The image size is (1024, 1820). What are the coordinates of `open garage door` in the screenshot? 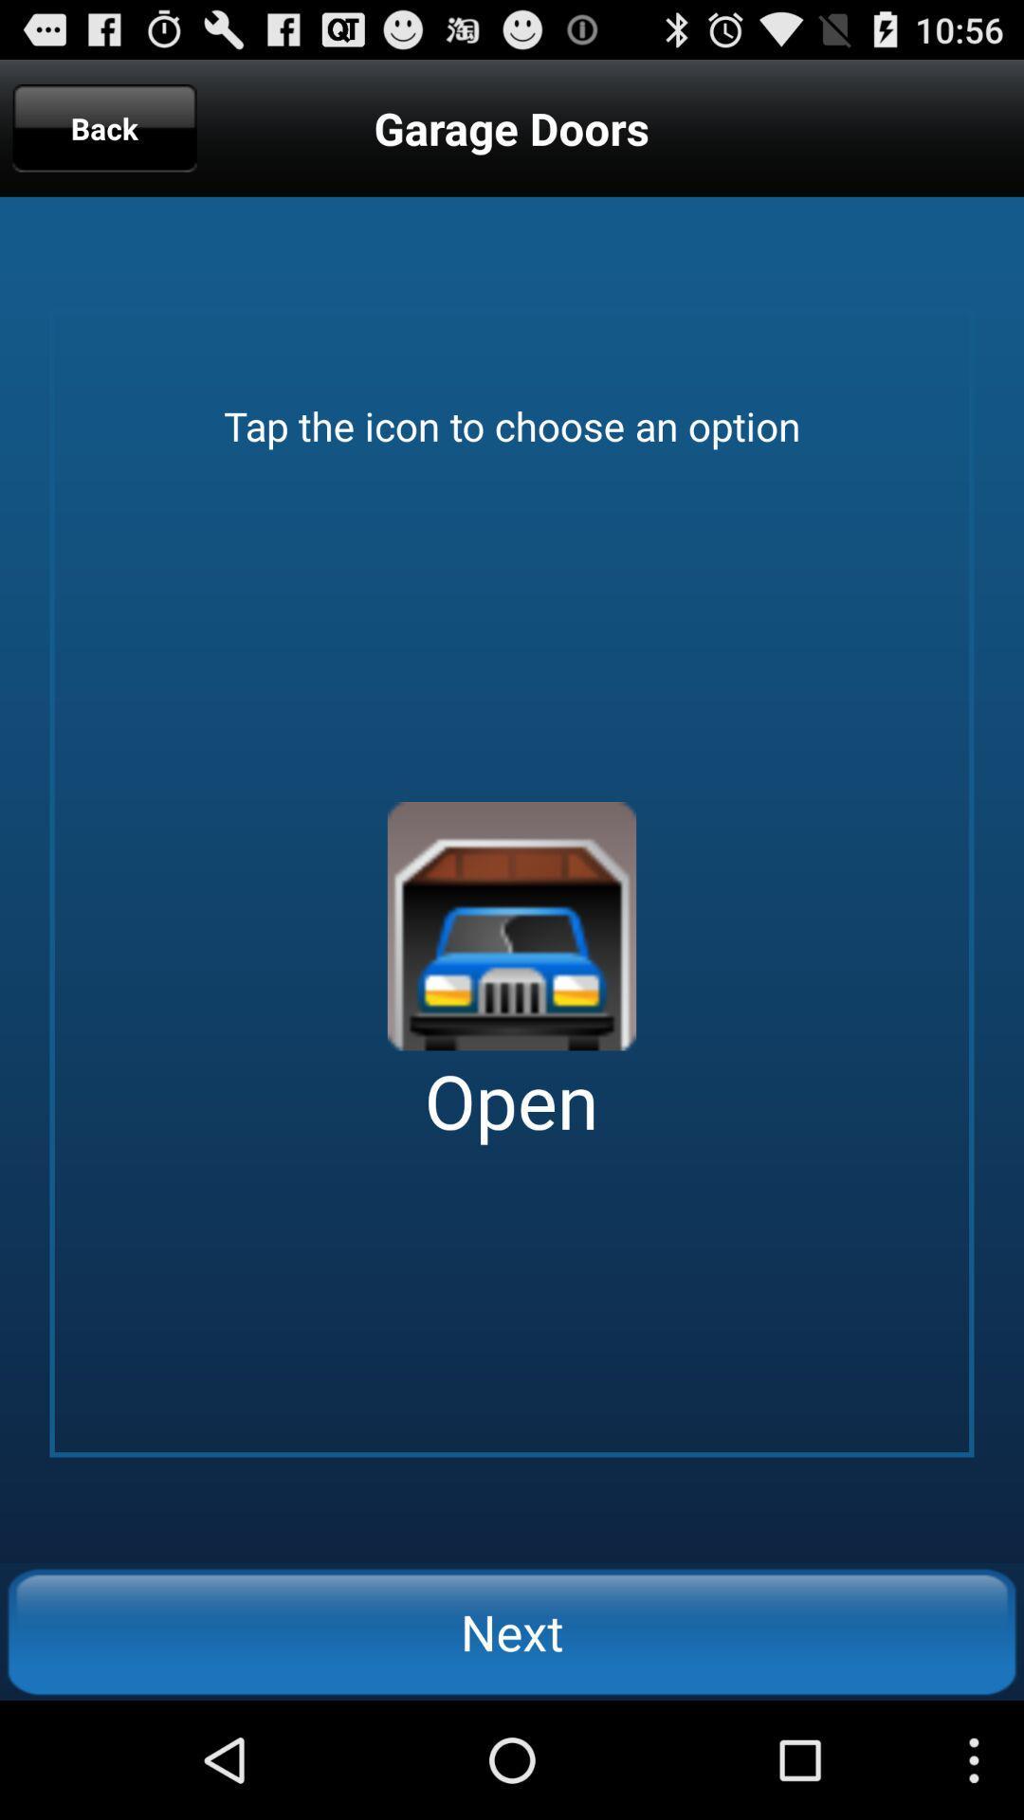 It's located at (512, 926).